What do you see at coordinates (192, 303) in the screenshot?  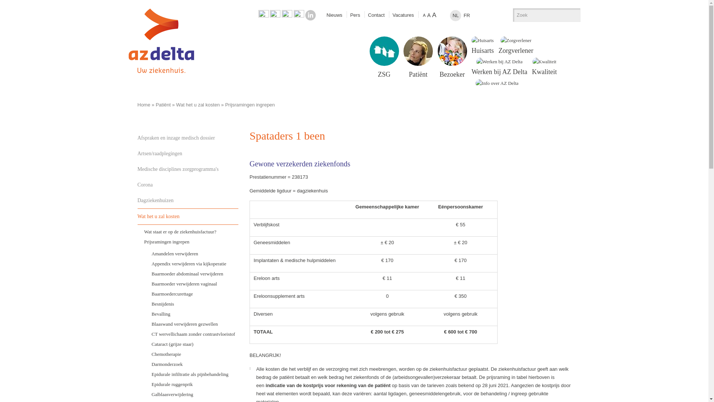 I see `'Besnijdenis'` at bounding box center [192, 303].